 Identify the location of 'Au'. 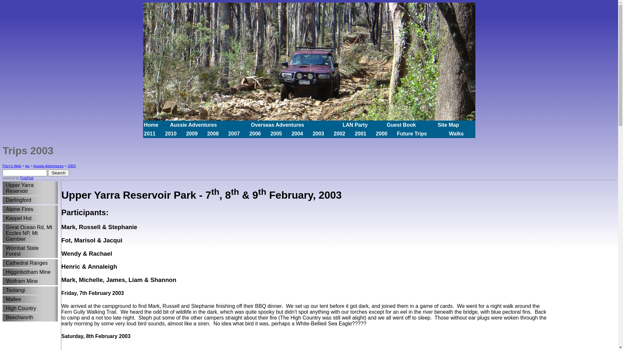
(27, 166).